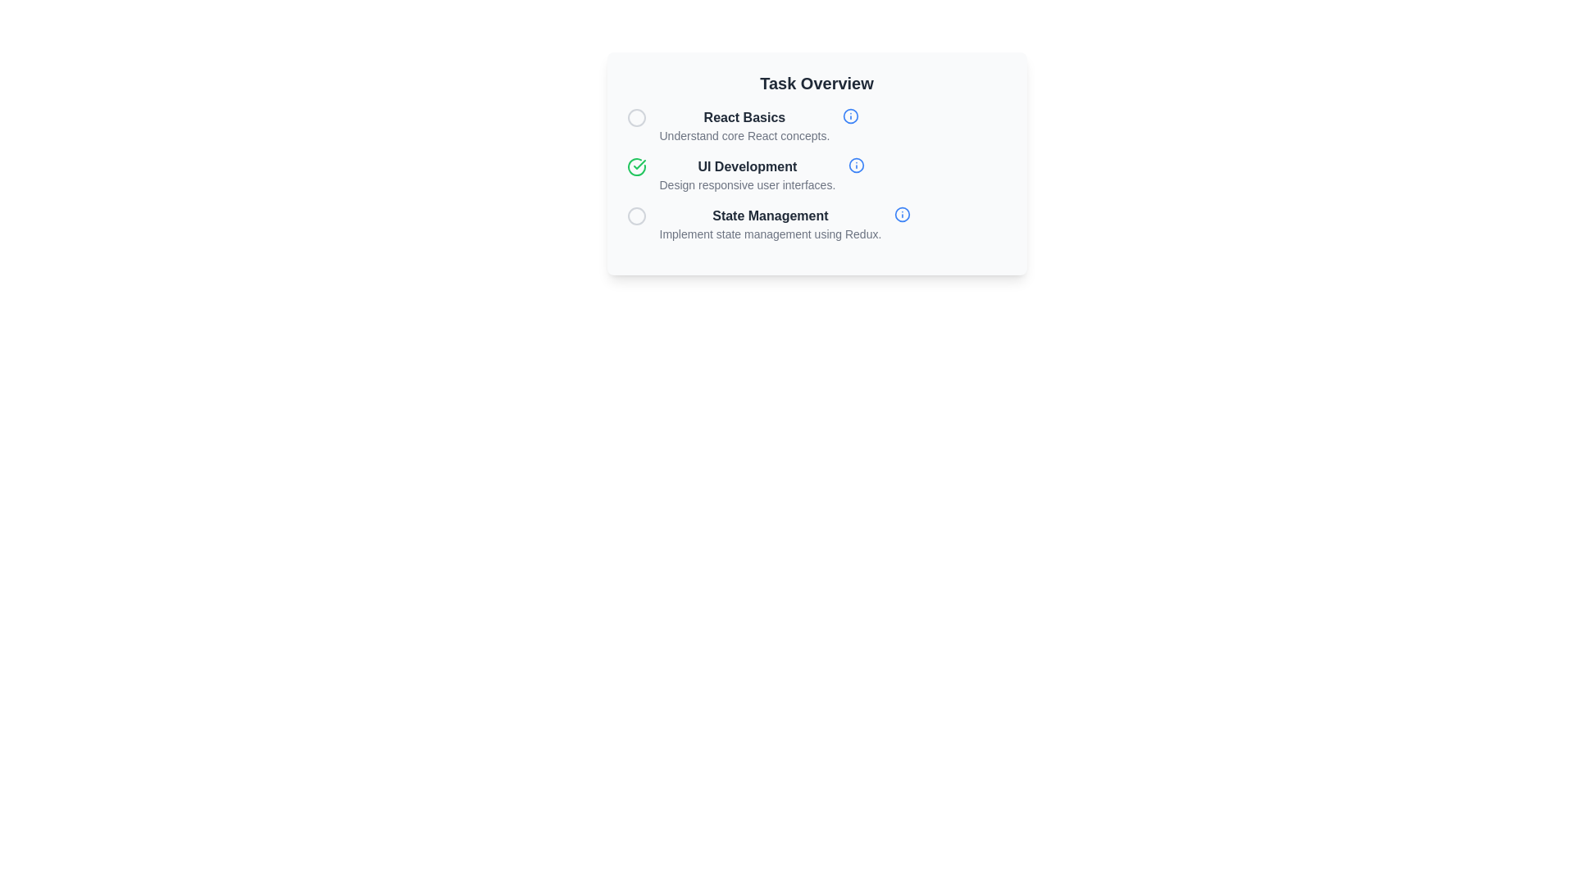  What do you see at coordinates (902, 214) in the screenshot?
I see `the informational icon related to the 'State Management' task positioned on the far right of the task overview section to identify its purpose` at bounding box center [902, 214].